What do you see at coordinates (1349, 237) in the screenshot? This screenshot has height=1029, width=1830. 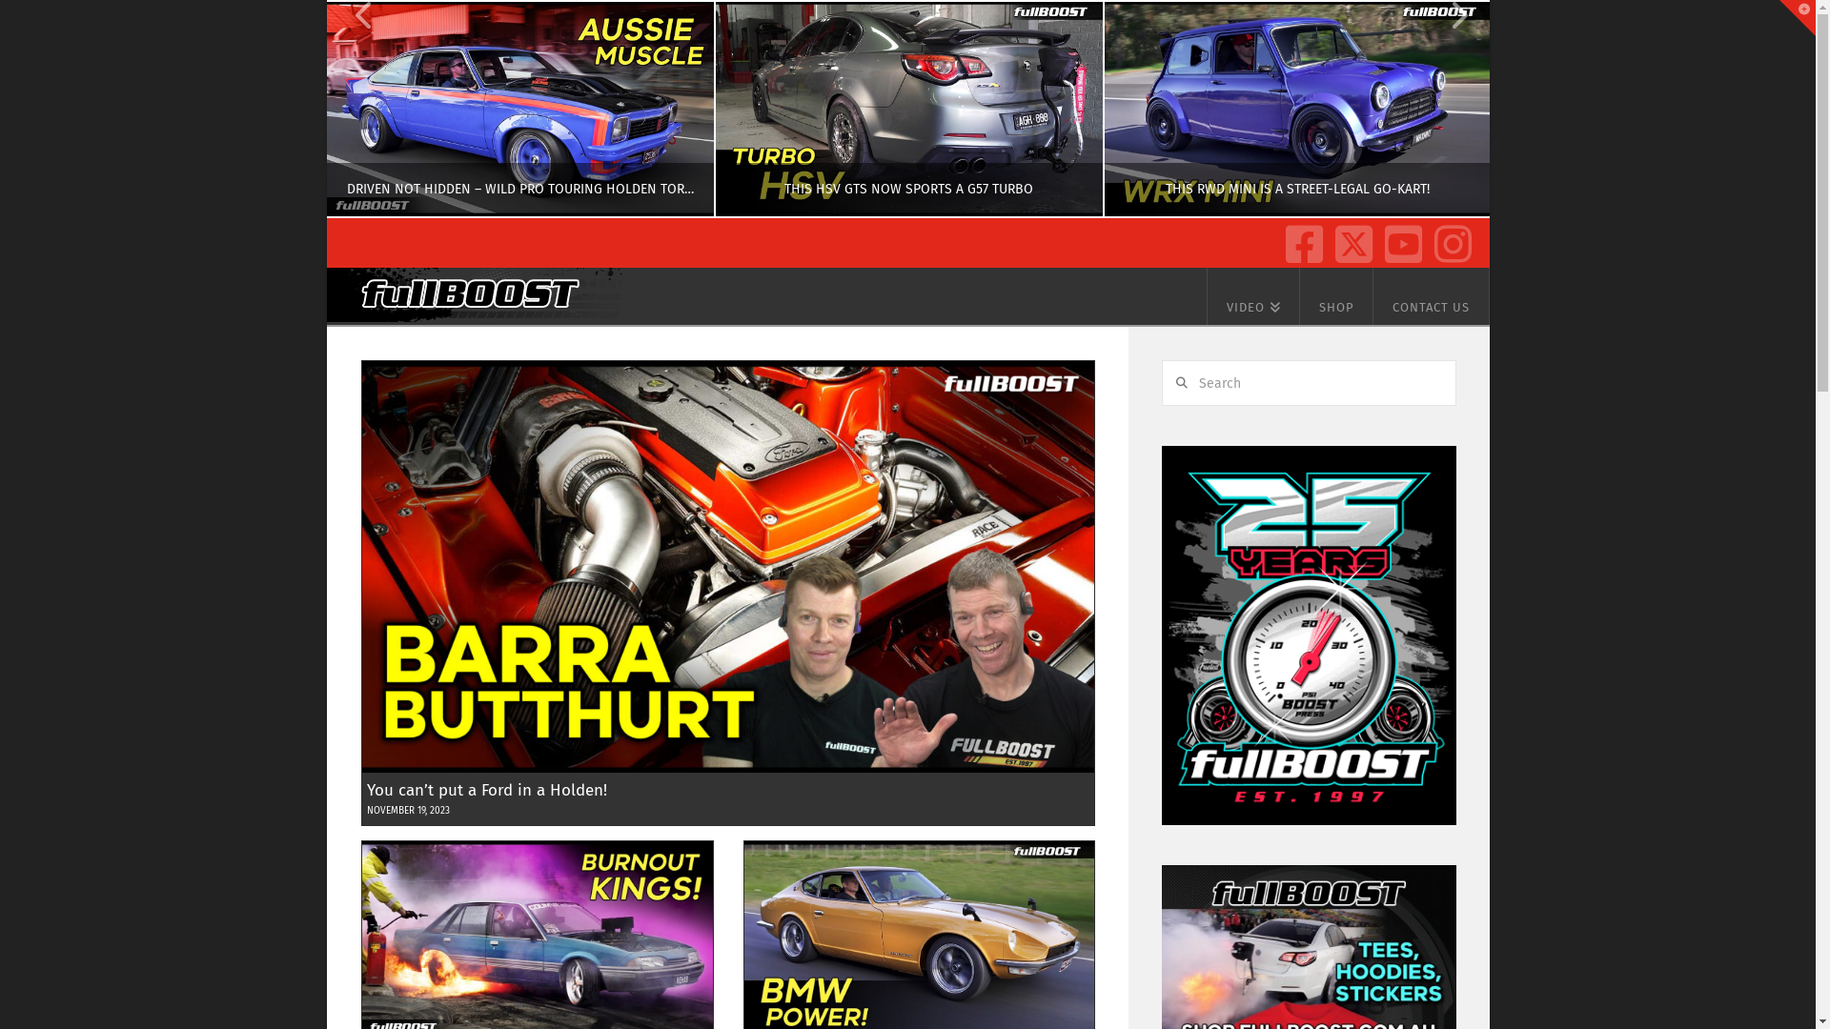 I see `'X / Twitter'` at bounding box center [1349, 237].